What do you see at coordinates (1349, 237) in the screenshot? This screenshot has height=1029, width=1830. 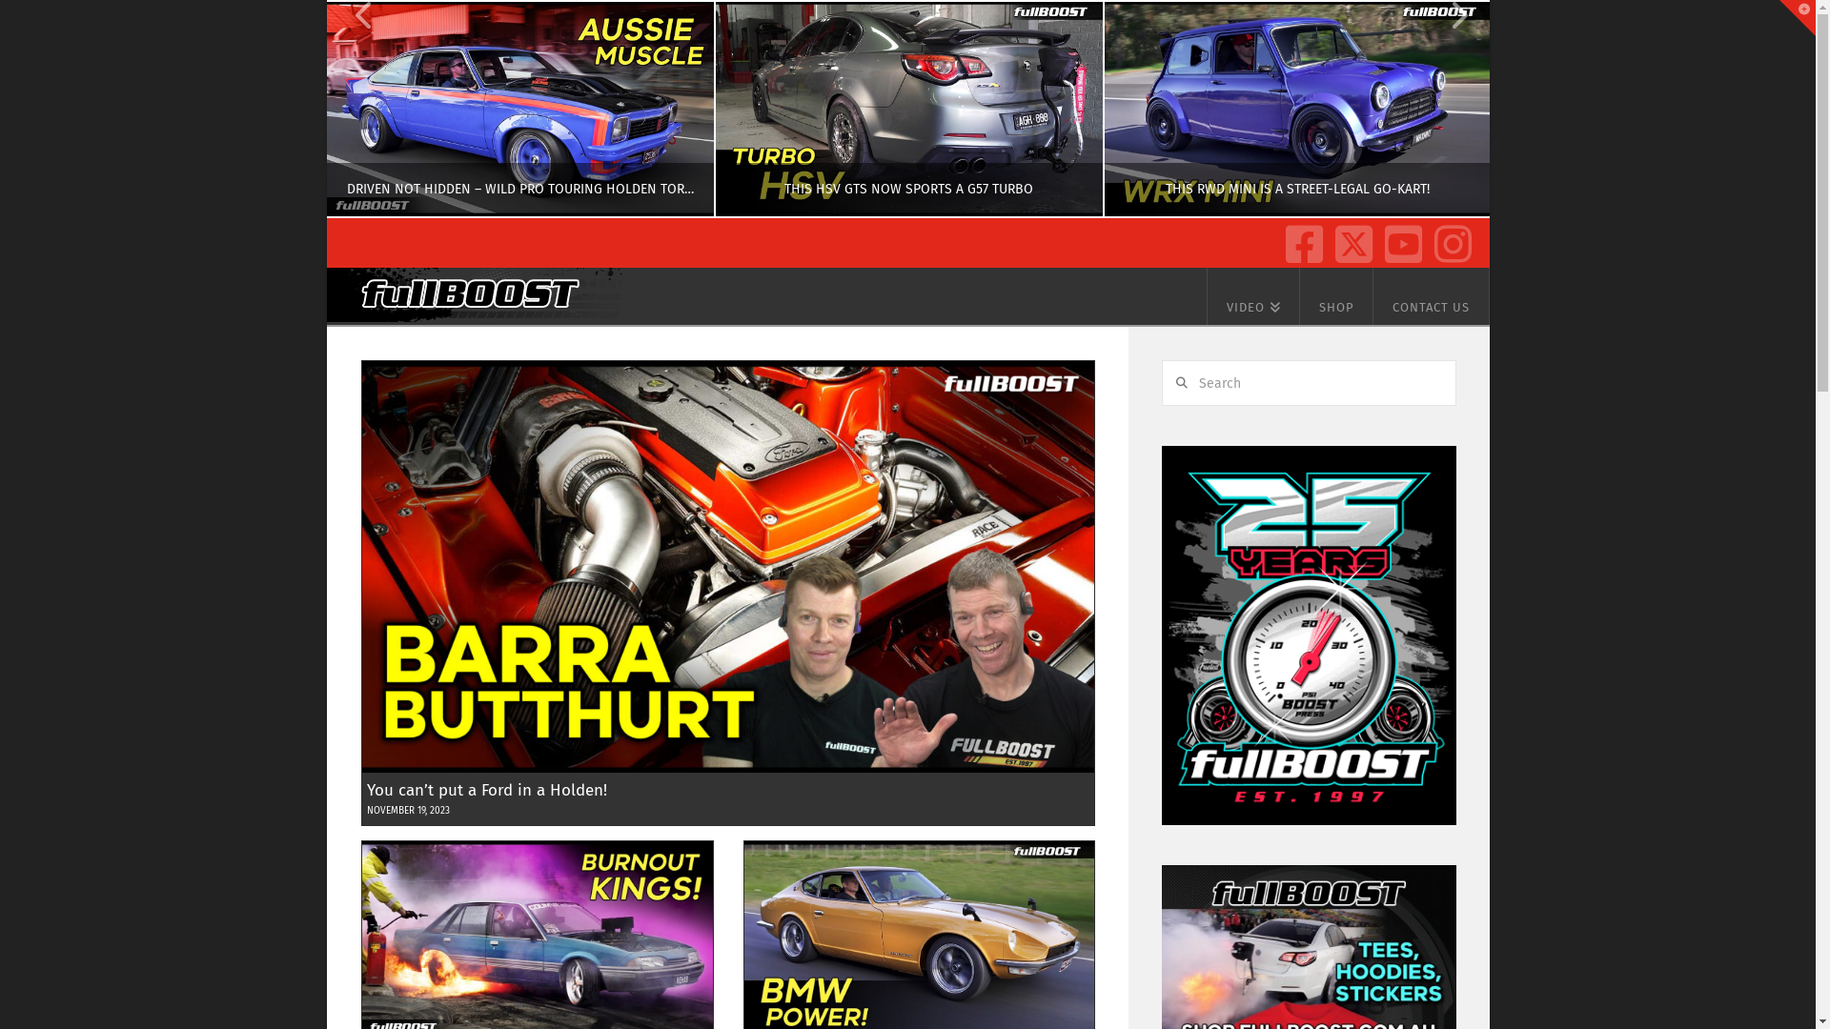 I see `'X / Twitter'` at bounding box center [1349, 237].